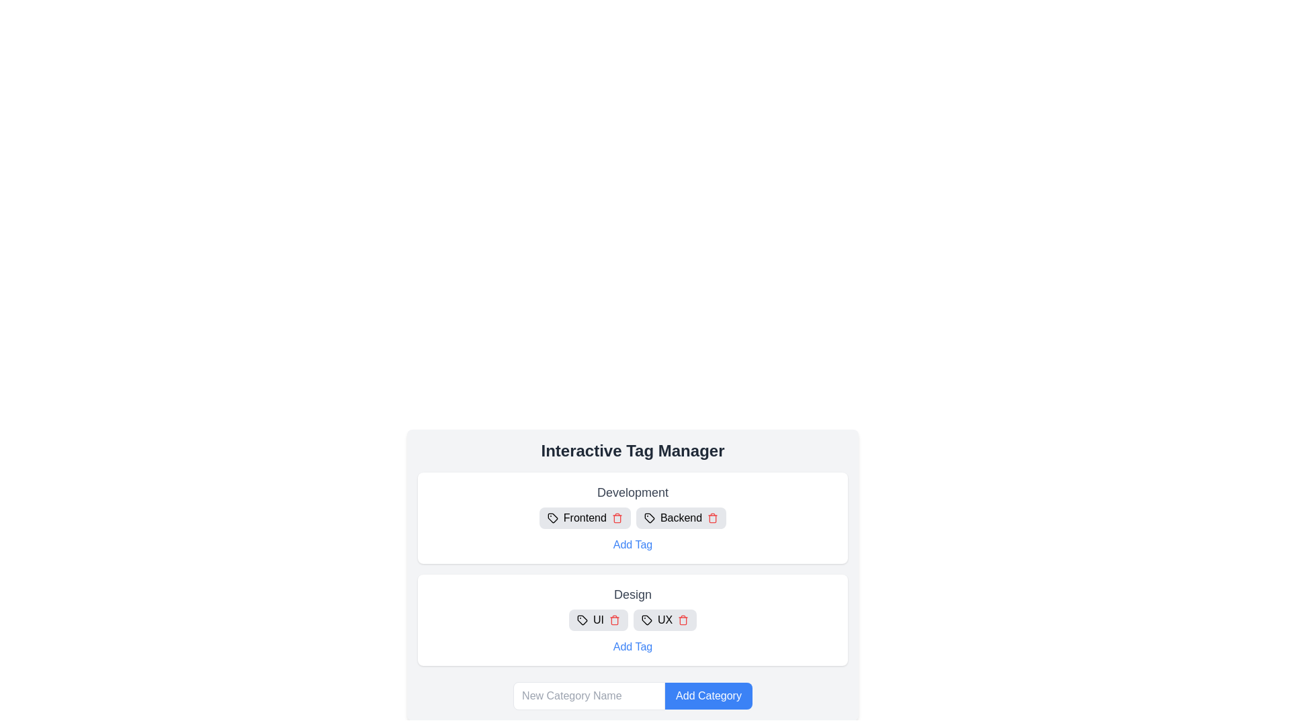  I want to click on the monochromatic tag icon associated with the 'Backend' label, which features a small circle in one corner, so click(649, 517).